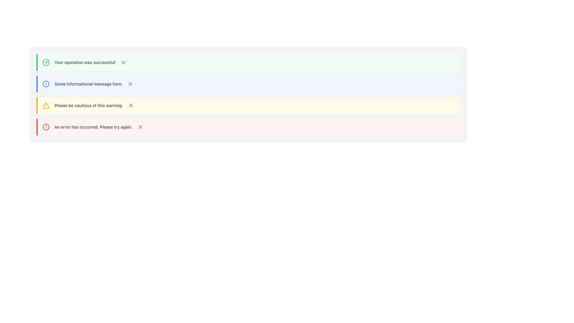  Describe the element at coordinates (45, 84) in the screenshot. I see `the information indicator icon located in the second row of the notification list, which is to the left of the text 'Some informational message here.'` at that location.